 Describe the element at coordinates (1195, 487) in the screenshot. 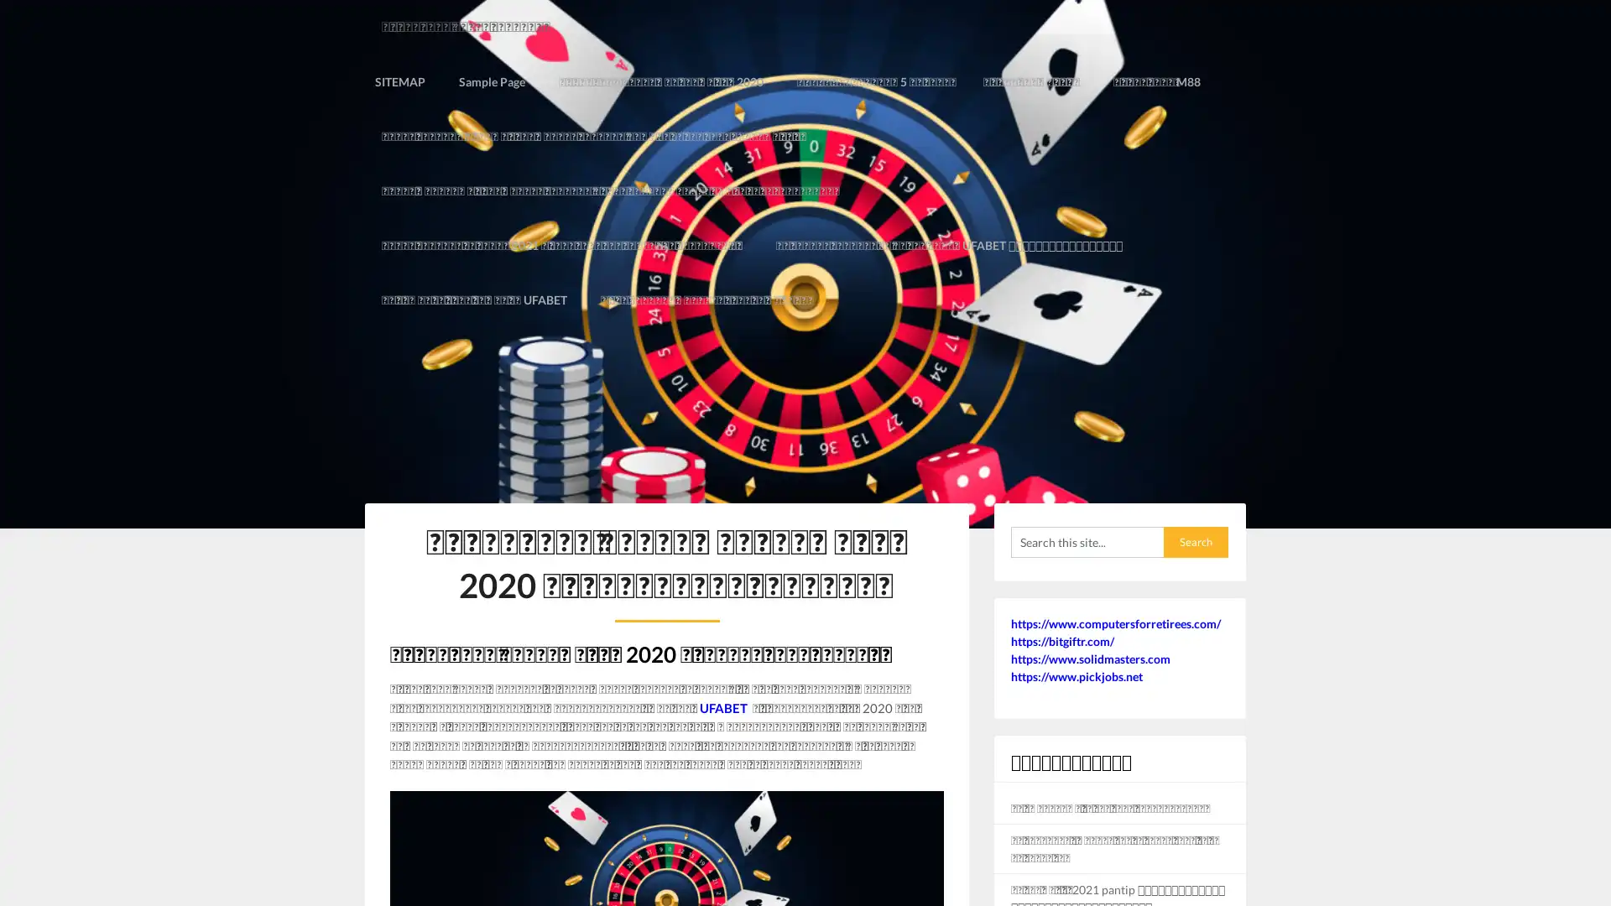

I see `Search` at that location.